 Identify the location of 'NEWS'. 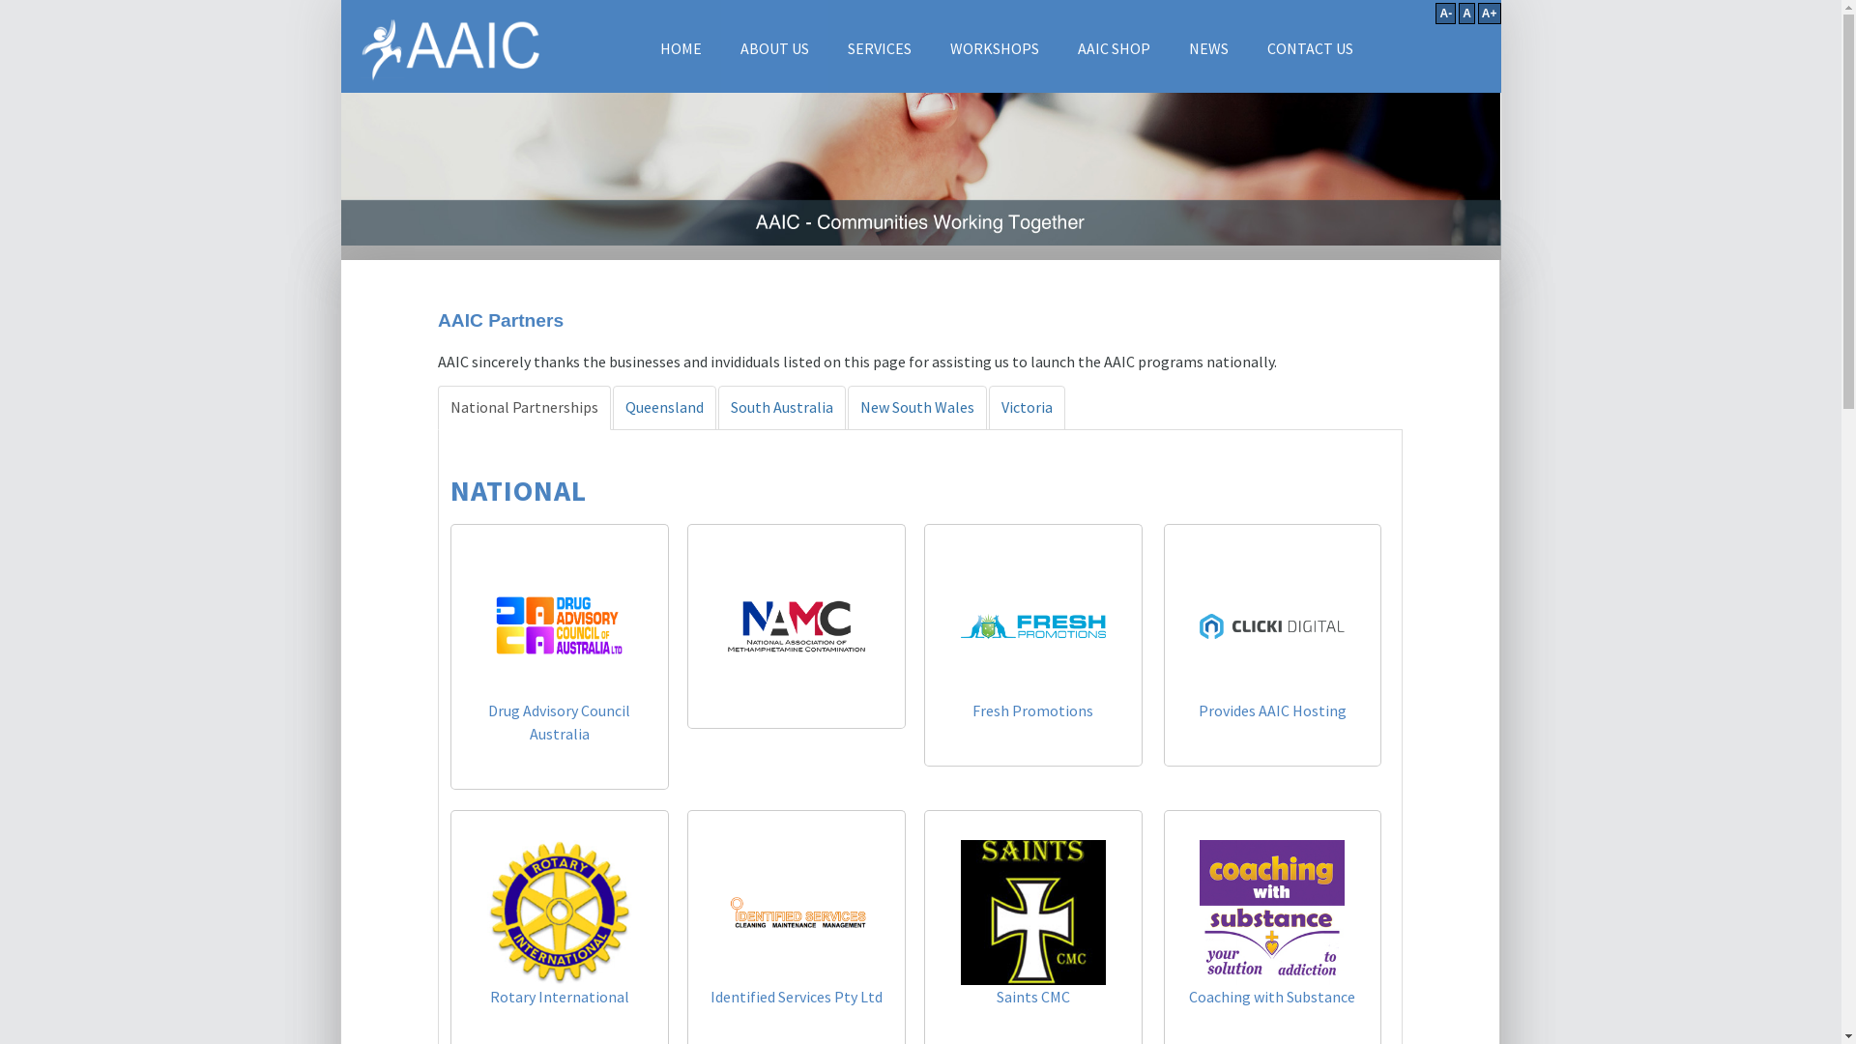
(1207, 47).